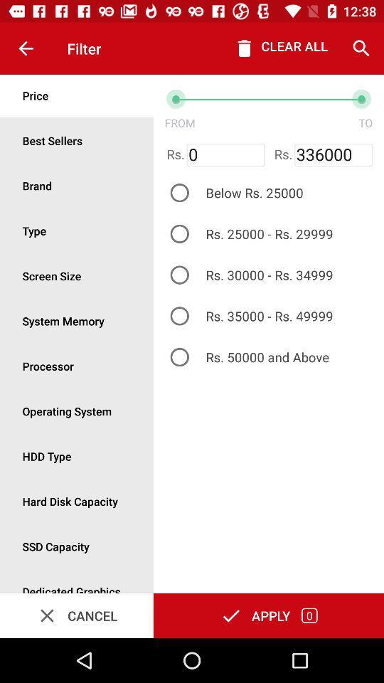 This screenshot has height=683, width=384. Describe the element at coordinates (334, 155) in the screenshot. I see `336000` at that location.